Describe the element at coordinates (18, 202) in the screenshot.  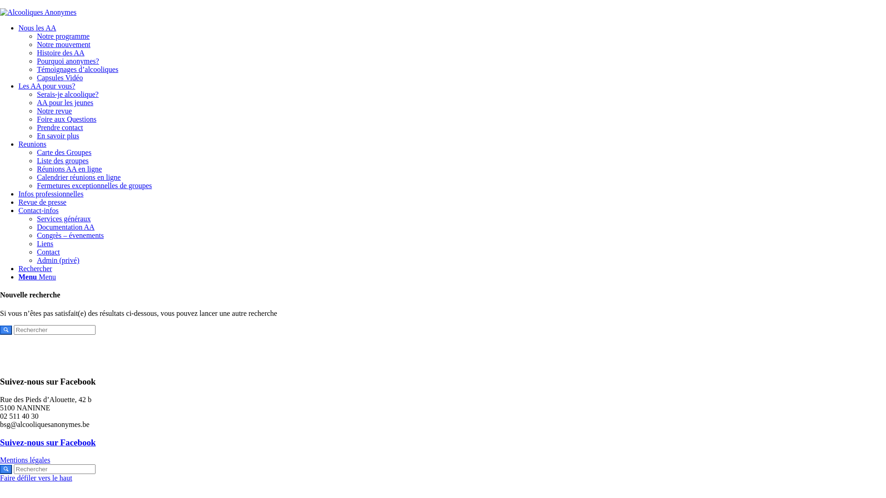
I see `'Revue de presse'` at that location.